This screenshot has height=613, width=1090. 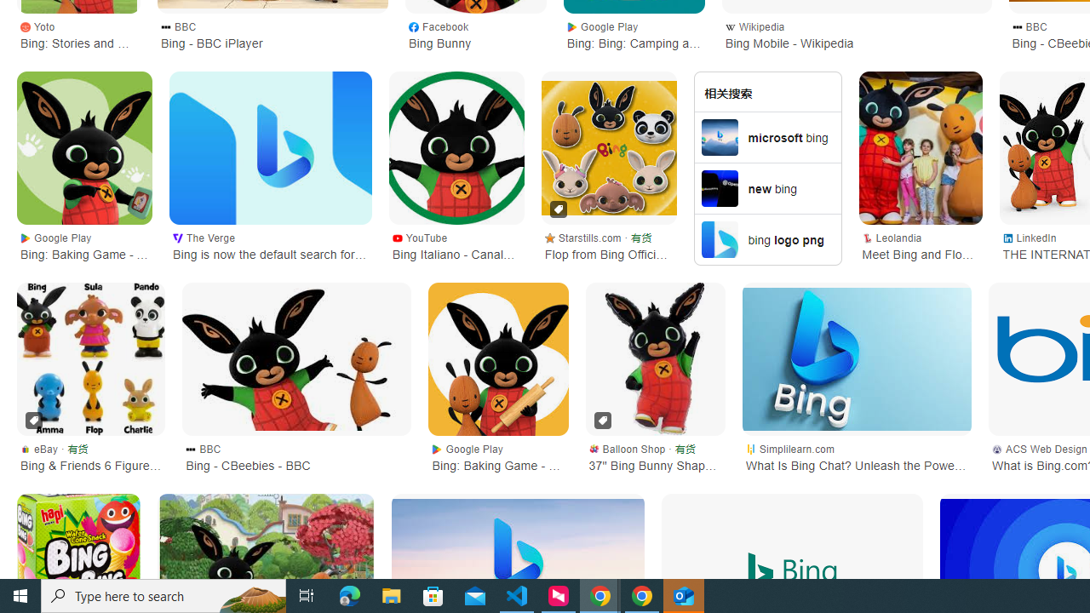 What do you see at coordinates (272, 33) in the screenshot?
I see `'BBC Bing - BBC iPlayer'` at bounding box center [272, 33].